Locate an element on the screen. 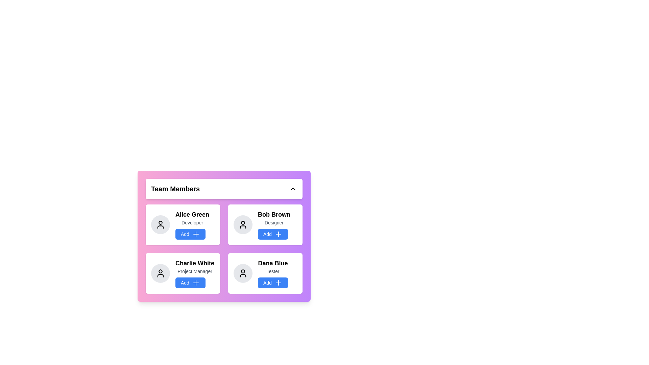 Image resolution: width=649 pixels, height=365 pixels. the static text label reading 'Developer' located below 'Alice Green' in the user card section of the 'Team Members' area is located at coordinates (192, 223).